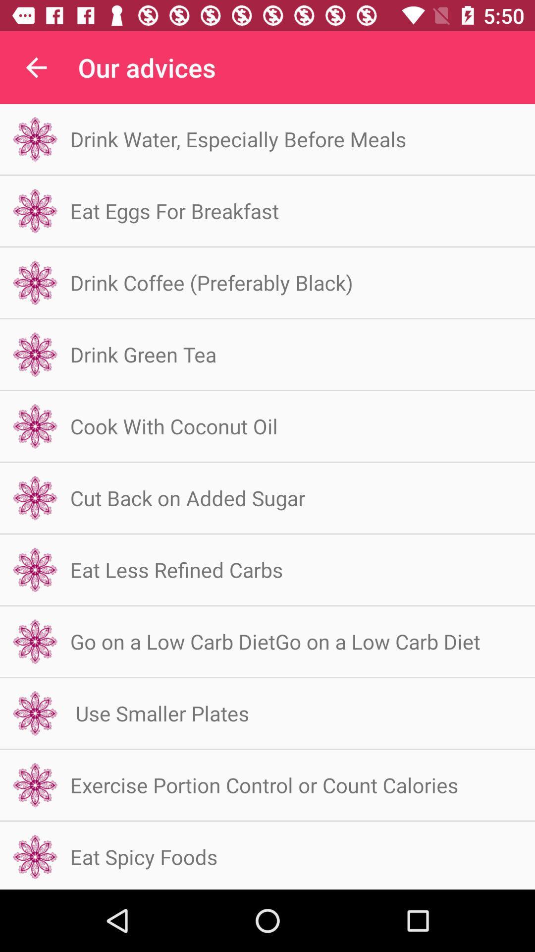 The image size is (535, 952). I want to click on the drink coffee preferably icon, so click(211, 282).